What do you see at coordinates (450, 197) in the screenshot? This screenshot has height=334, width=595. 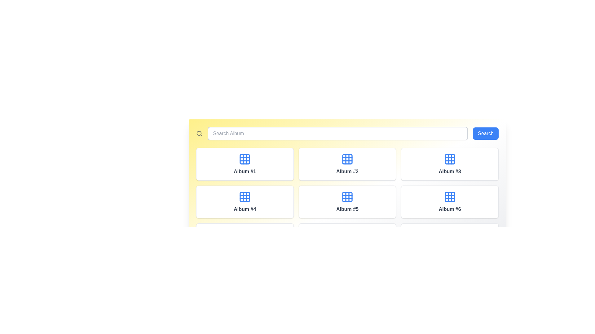 I see `the blue grid icon which is the top-left square of the 'Album 6' label in the bottom-right corner of the albums grid` at bounding box center [450, 197].